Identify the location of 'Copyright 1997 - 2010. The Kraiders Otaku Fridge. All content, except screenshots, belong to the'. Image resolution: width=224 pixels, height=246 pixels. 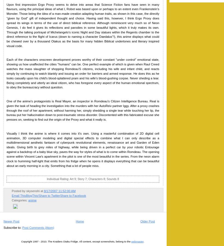
(76, 241).